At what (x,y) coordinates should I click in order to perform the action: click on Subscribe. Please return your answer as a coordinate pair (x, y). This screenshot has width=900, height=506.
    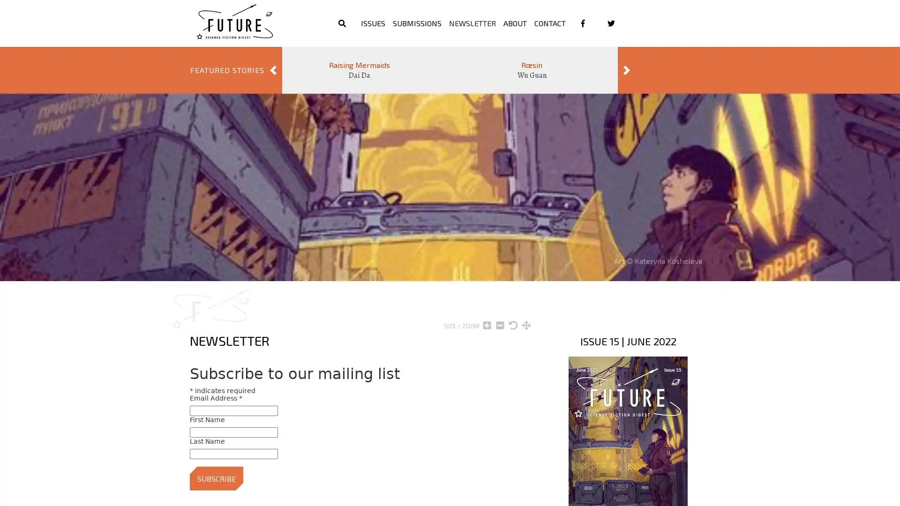
    Looking at the image, I should click on (216, 478).